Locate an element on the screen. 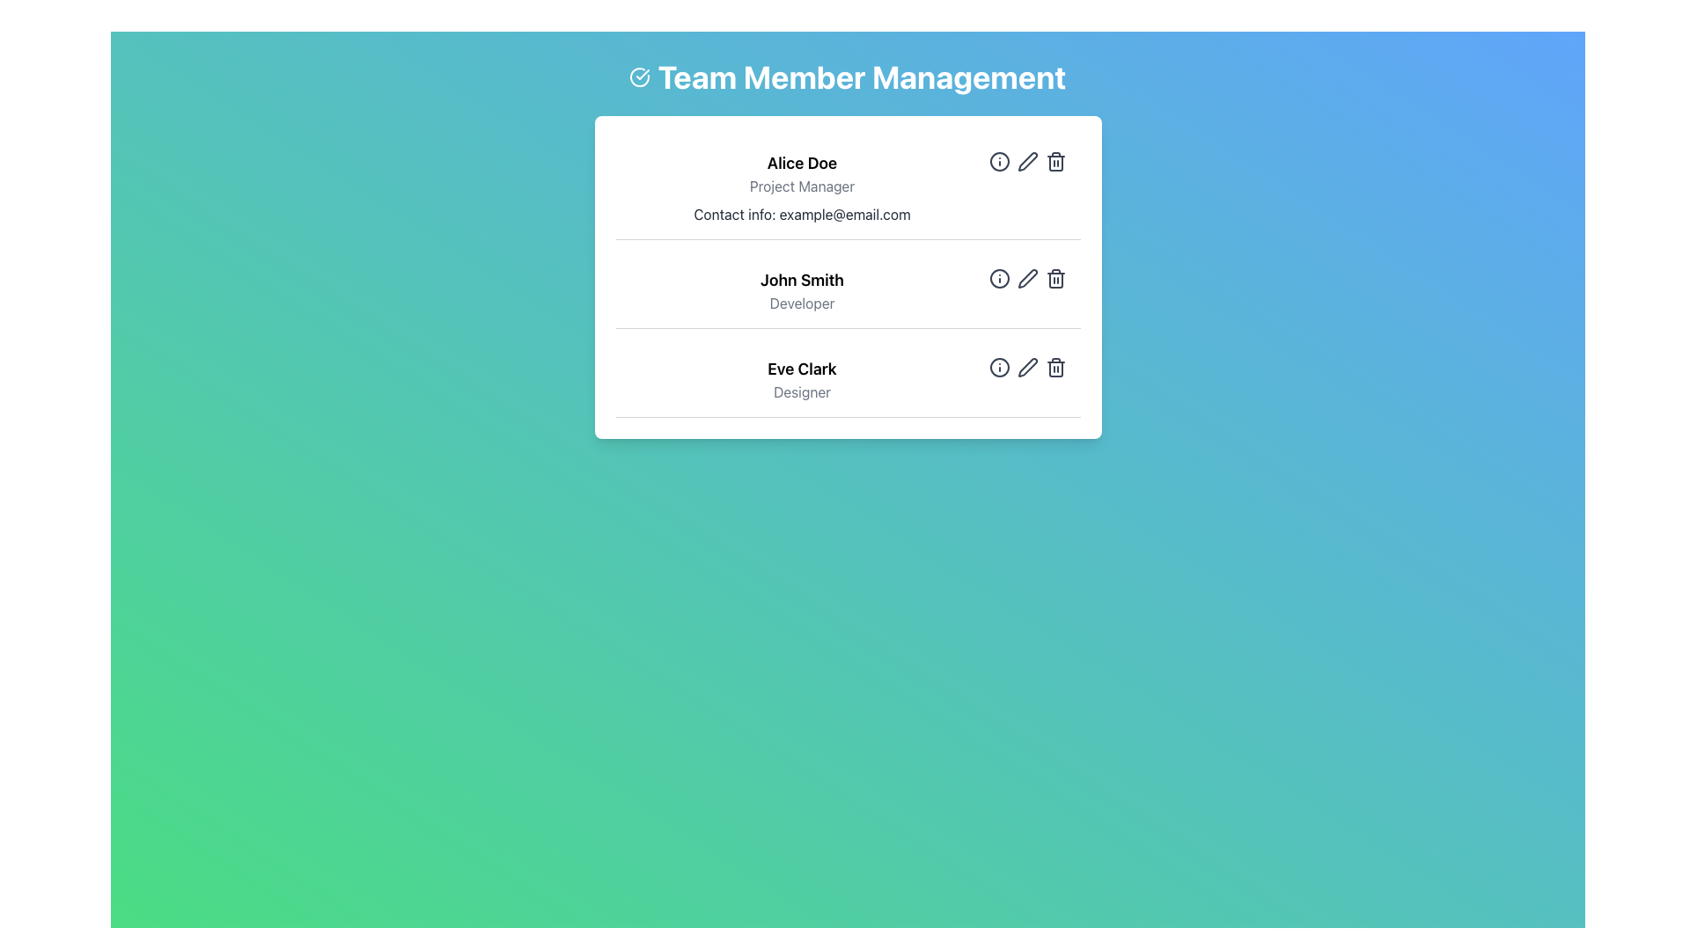  the second icon button to the right of the 'John Smith' entry in the list is located at coordinates (1027, 277).